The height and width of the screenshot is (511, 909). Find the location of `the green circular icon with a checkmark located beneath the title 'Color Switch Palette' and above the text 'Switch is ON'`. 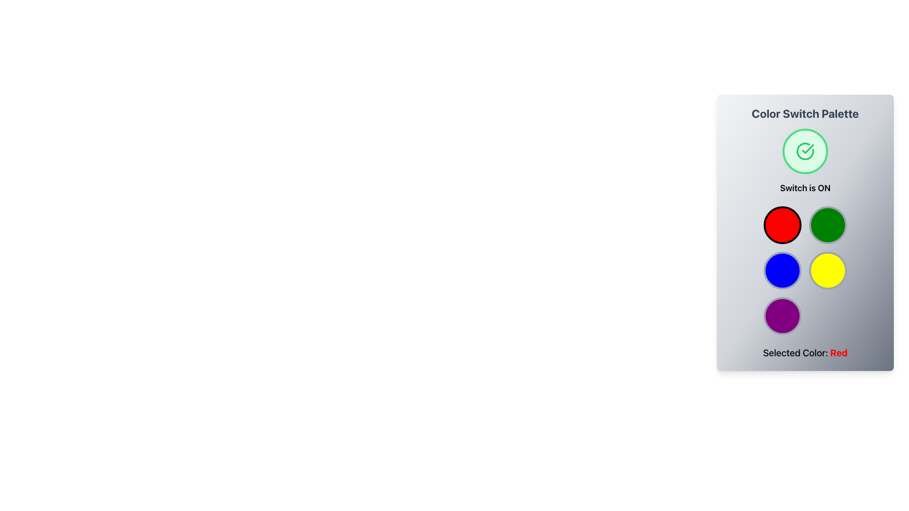

the green circular icon with a checkmark located beneath the title 'Color Switch Palette' and above the text 'Switch is ON' is located at coordinates (804, 151).